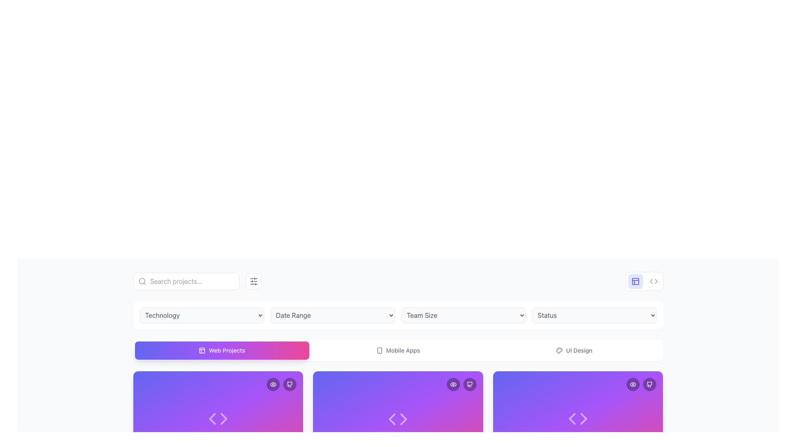 This screenshot has width=795, height=447. Describe the element at coordinates (653, 281) in the screenshot. I see `the second button in the top-right corner of the interface, which is located directly to the right of a grid-like icon` at that location.